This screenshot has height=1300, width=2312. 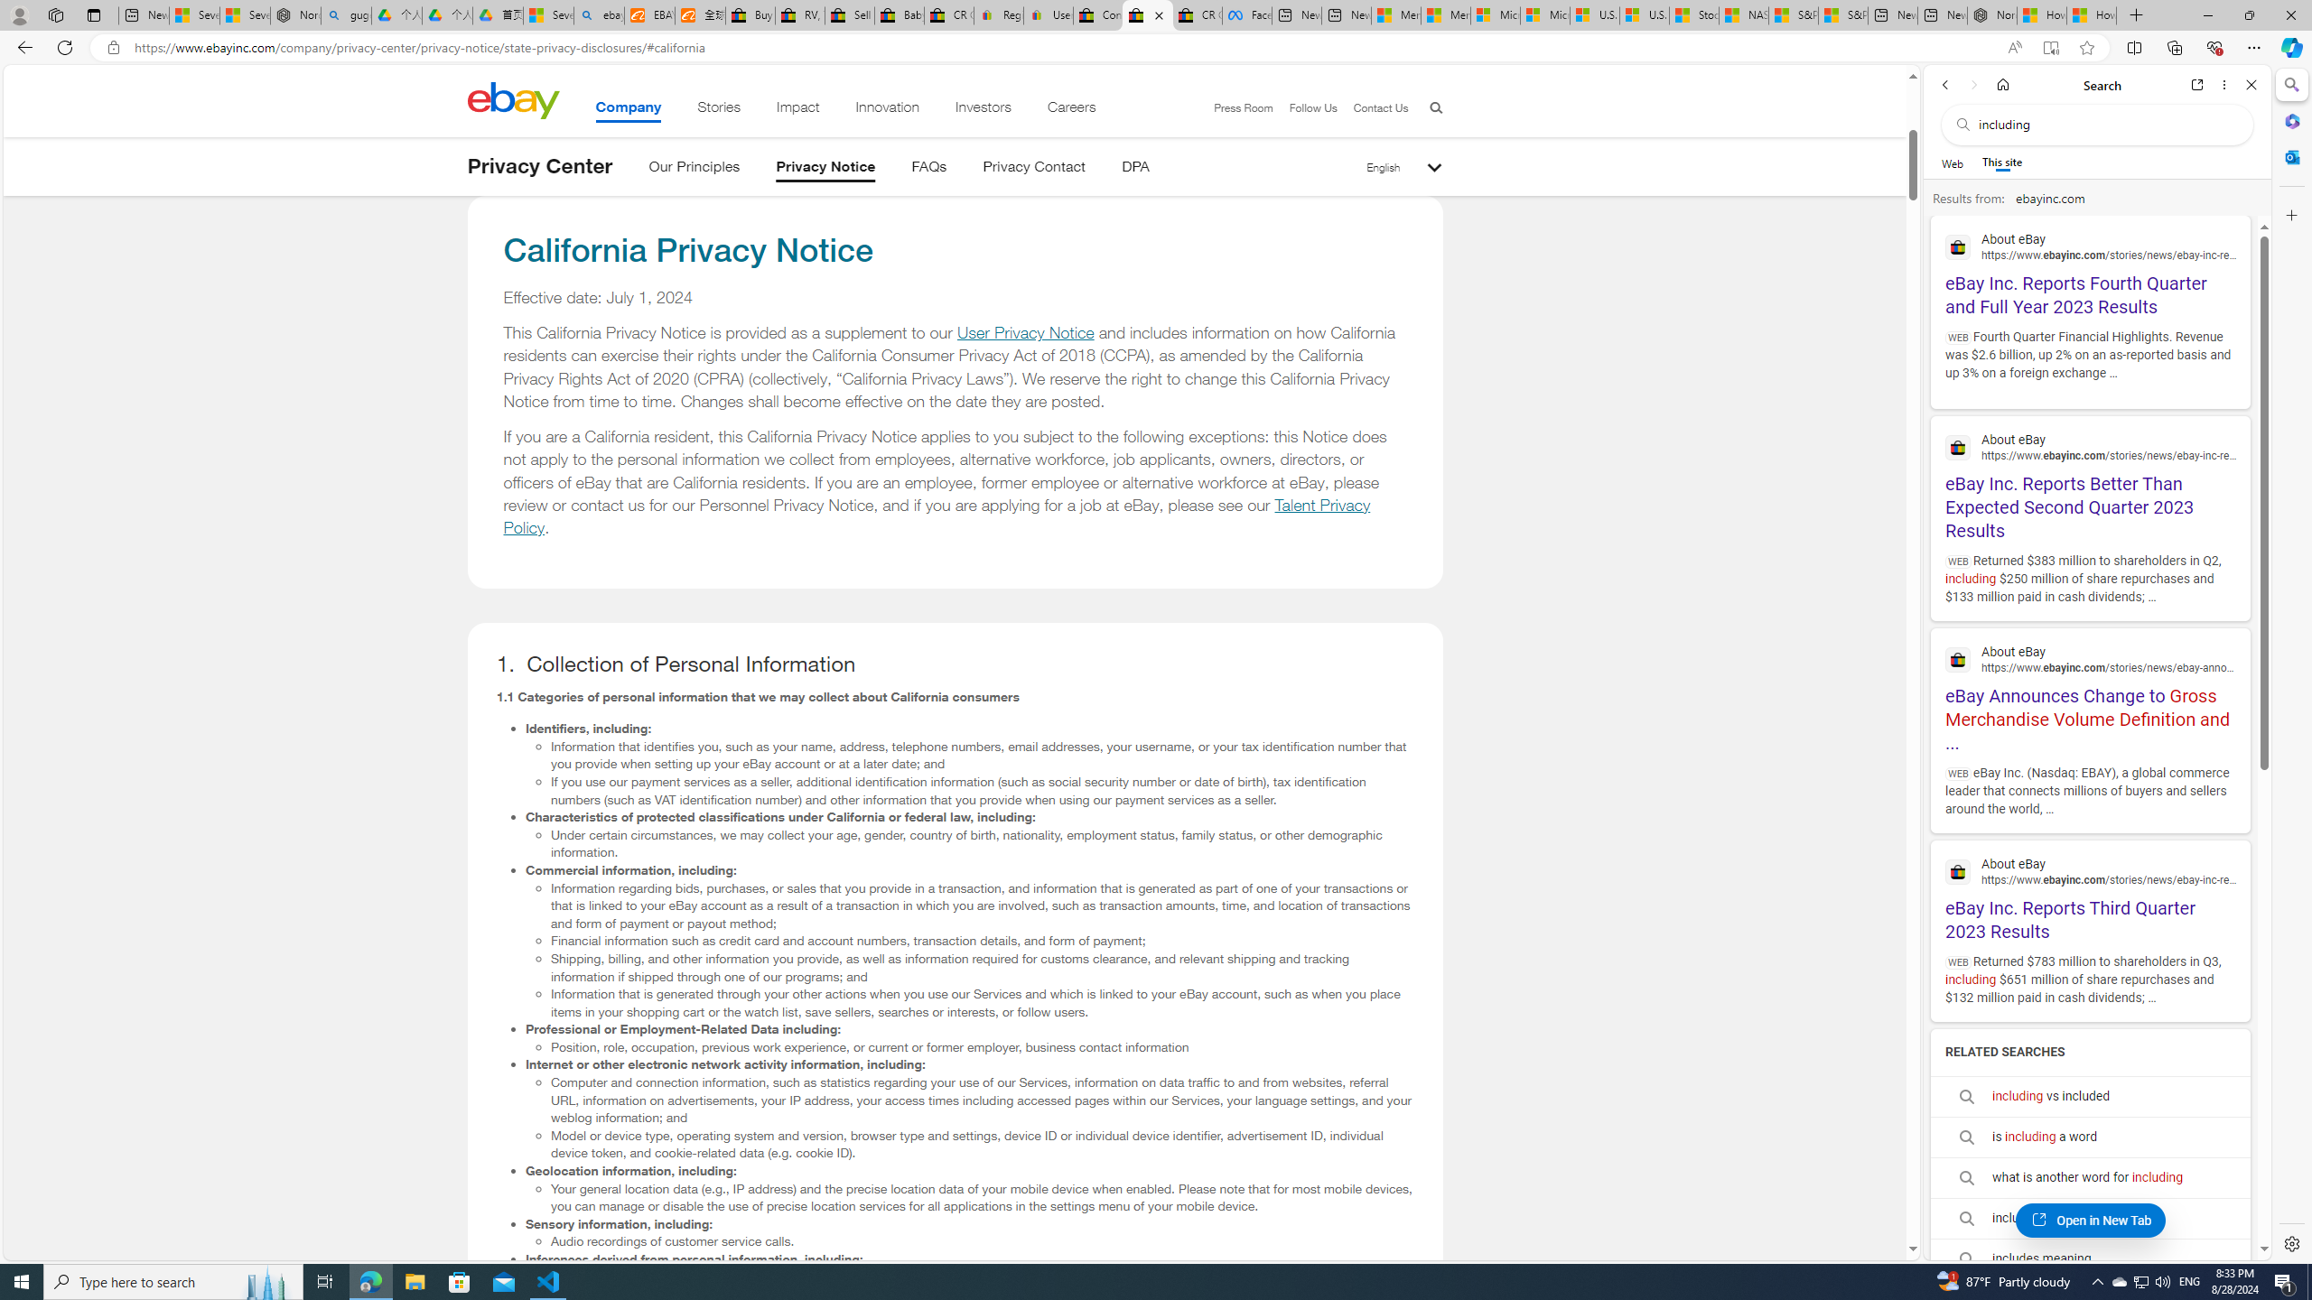 I want to click on 'Audio recordings of customer service calls.', so click(x=983, y=1240).